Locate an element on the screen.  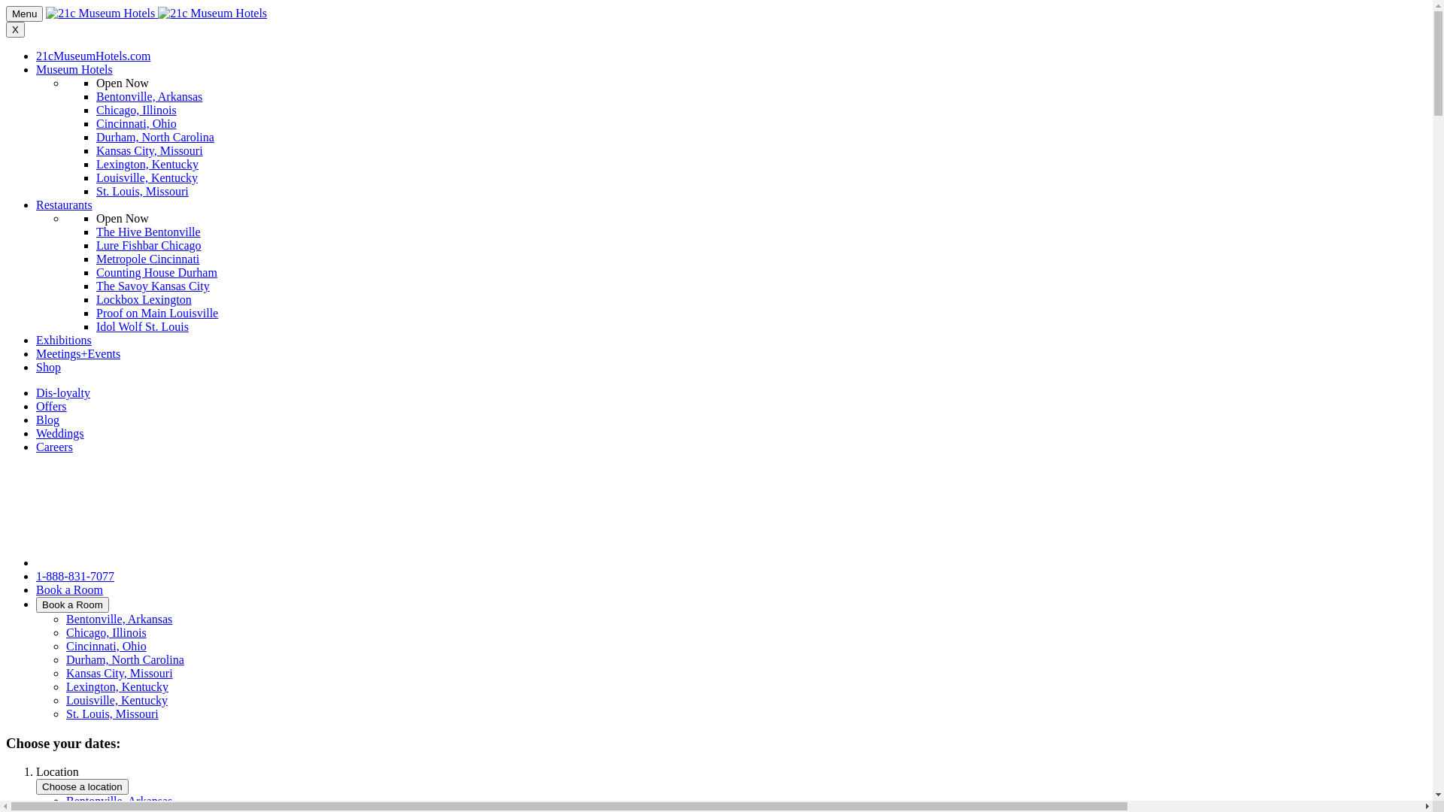
'Lure Fishbar Chicago' is located at coordinates (148, 244).